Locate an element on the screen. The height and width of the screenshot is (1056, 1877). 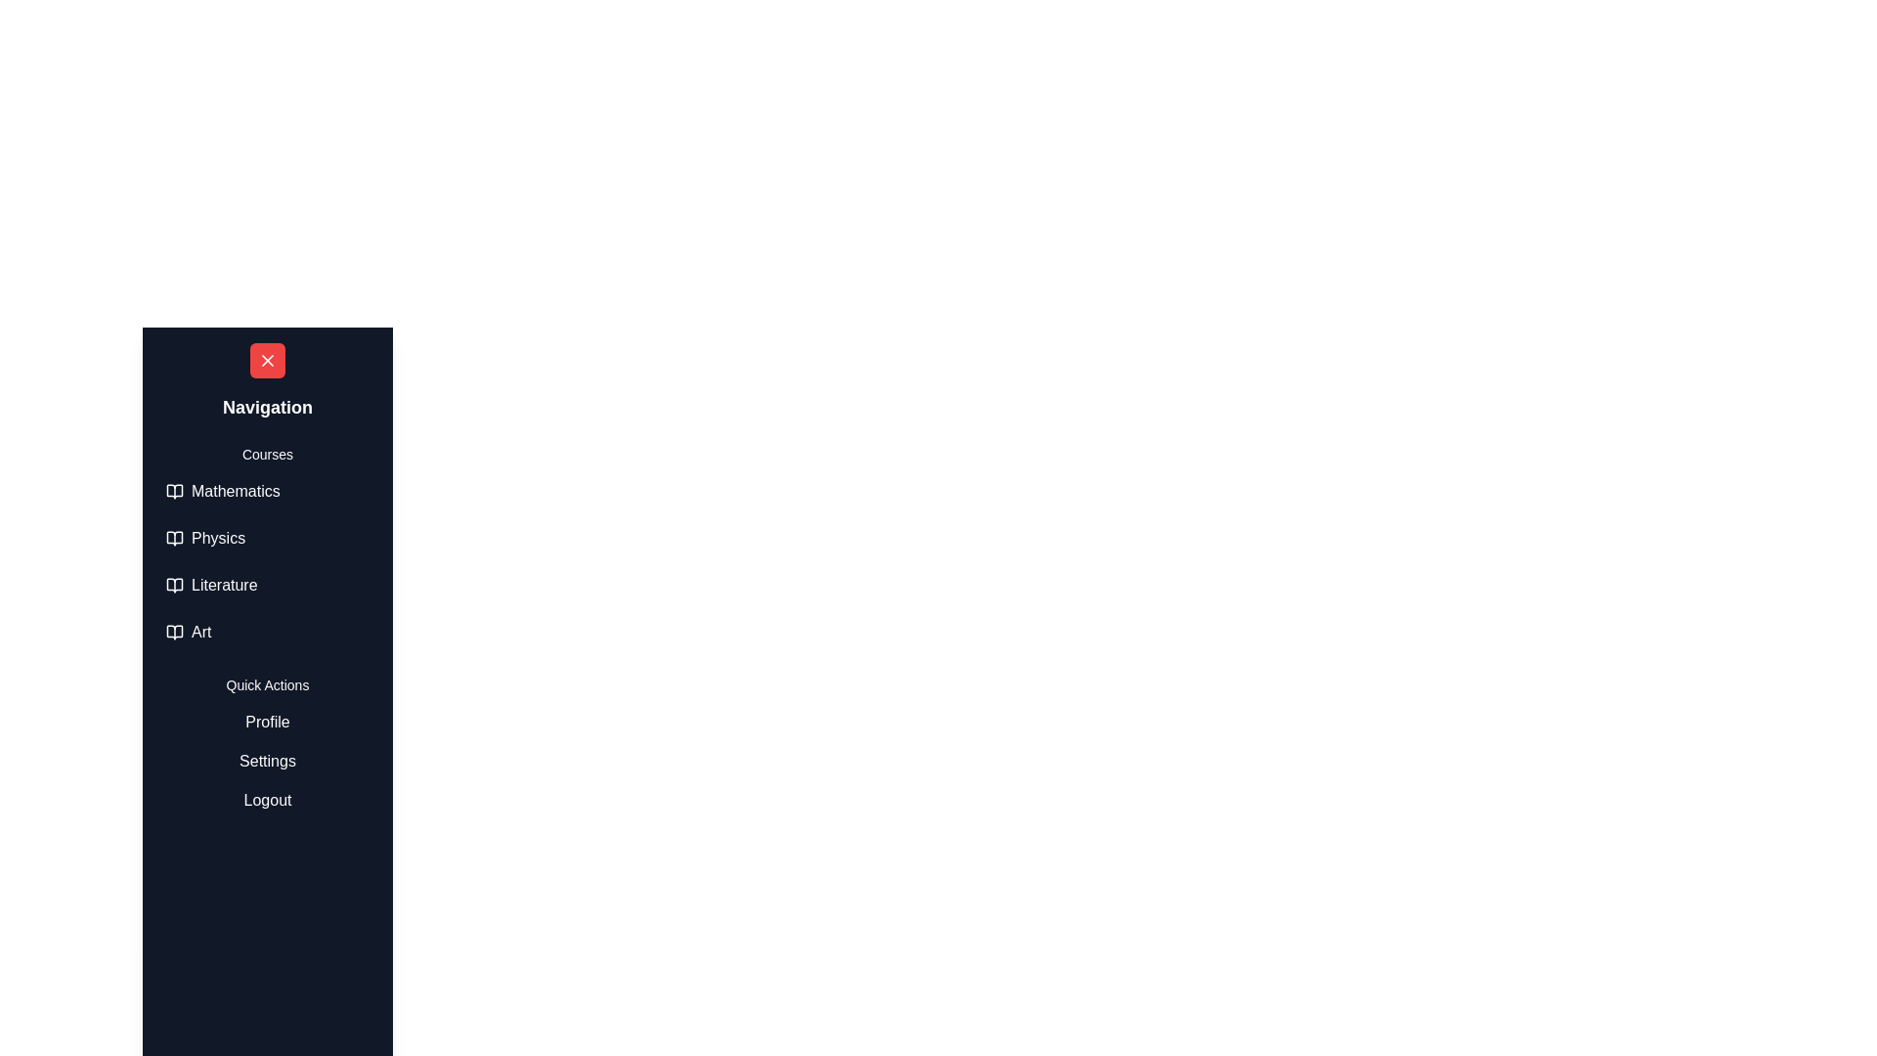
the second button in the 'Quick Actions' section of the sidebar menu is located at coordinates (266, 761).